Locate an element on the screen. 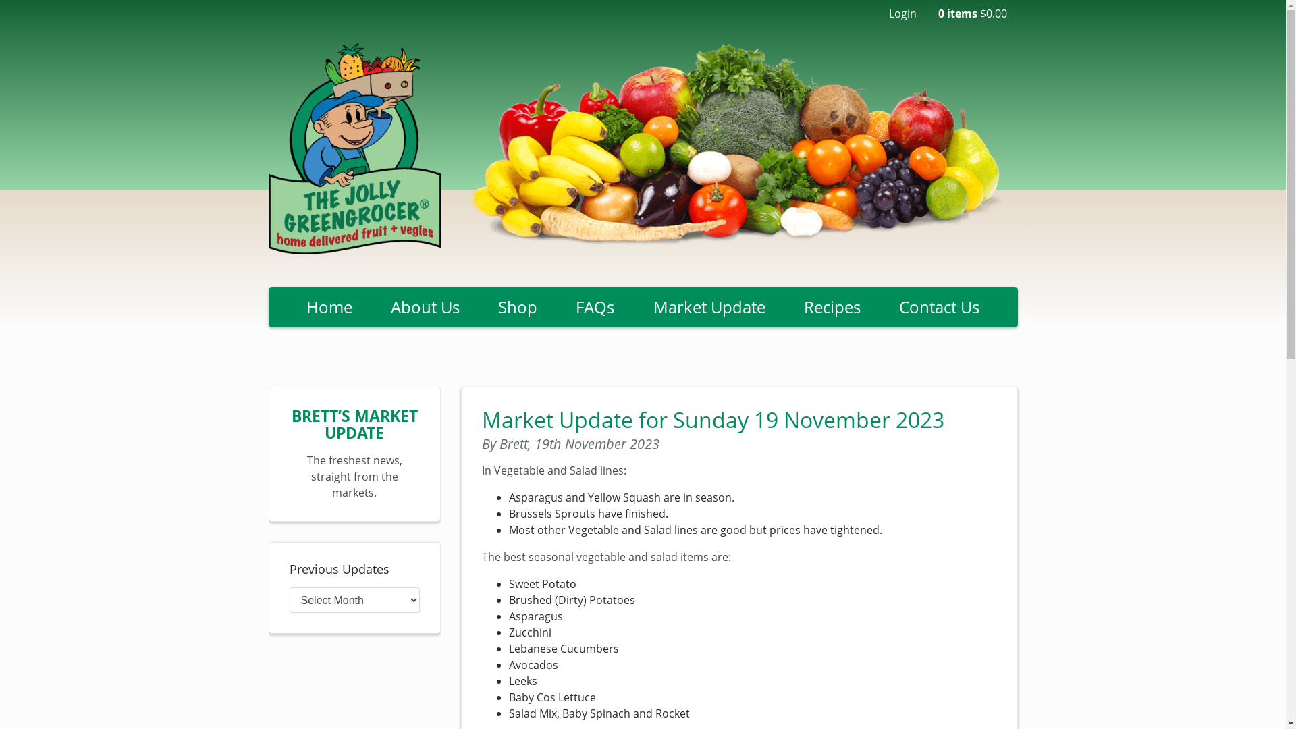 Image resolution: width=1296 pixels, height=729 pixels. 'FAQs' is located at coordinates (595, 307).